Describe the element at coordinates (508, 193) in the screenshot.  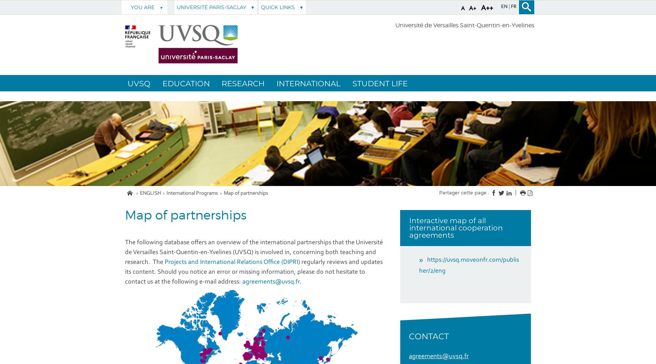
I see `'Facebook'` at that location.